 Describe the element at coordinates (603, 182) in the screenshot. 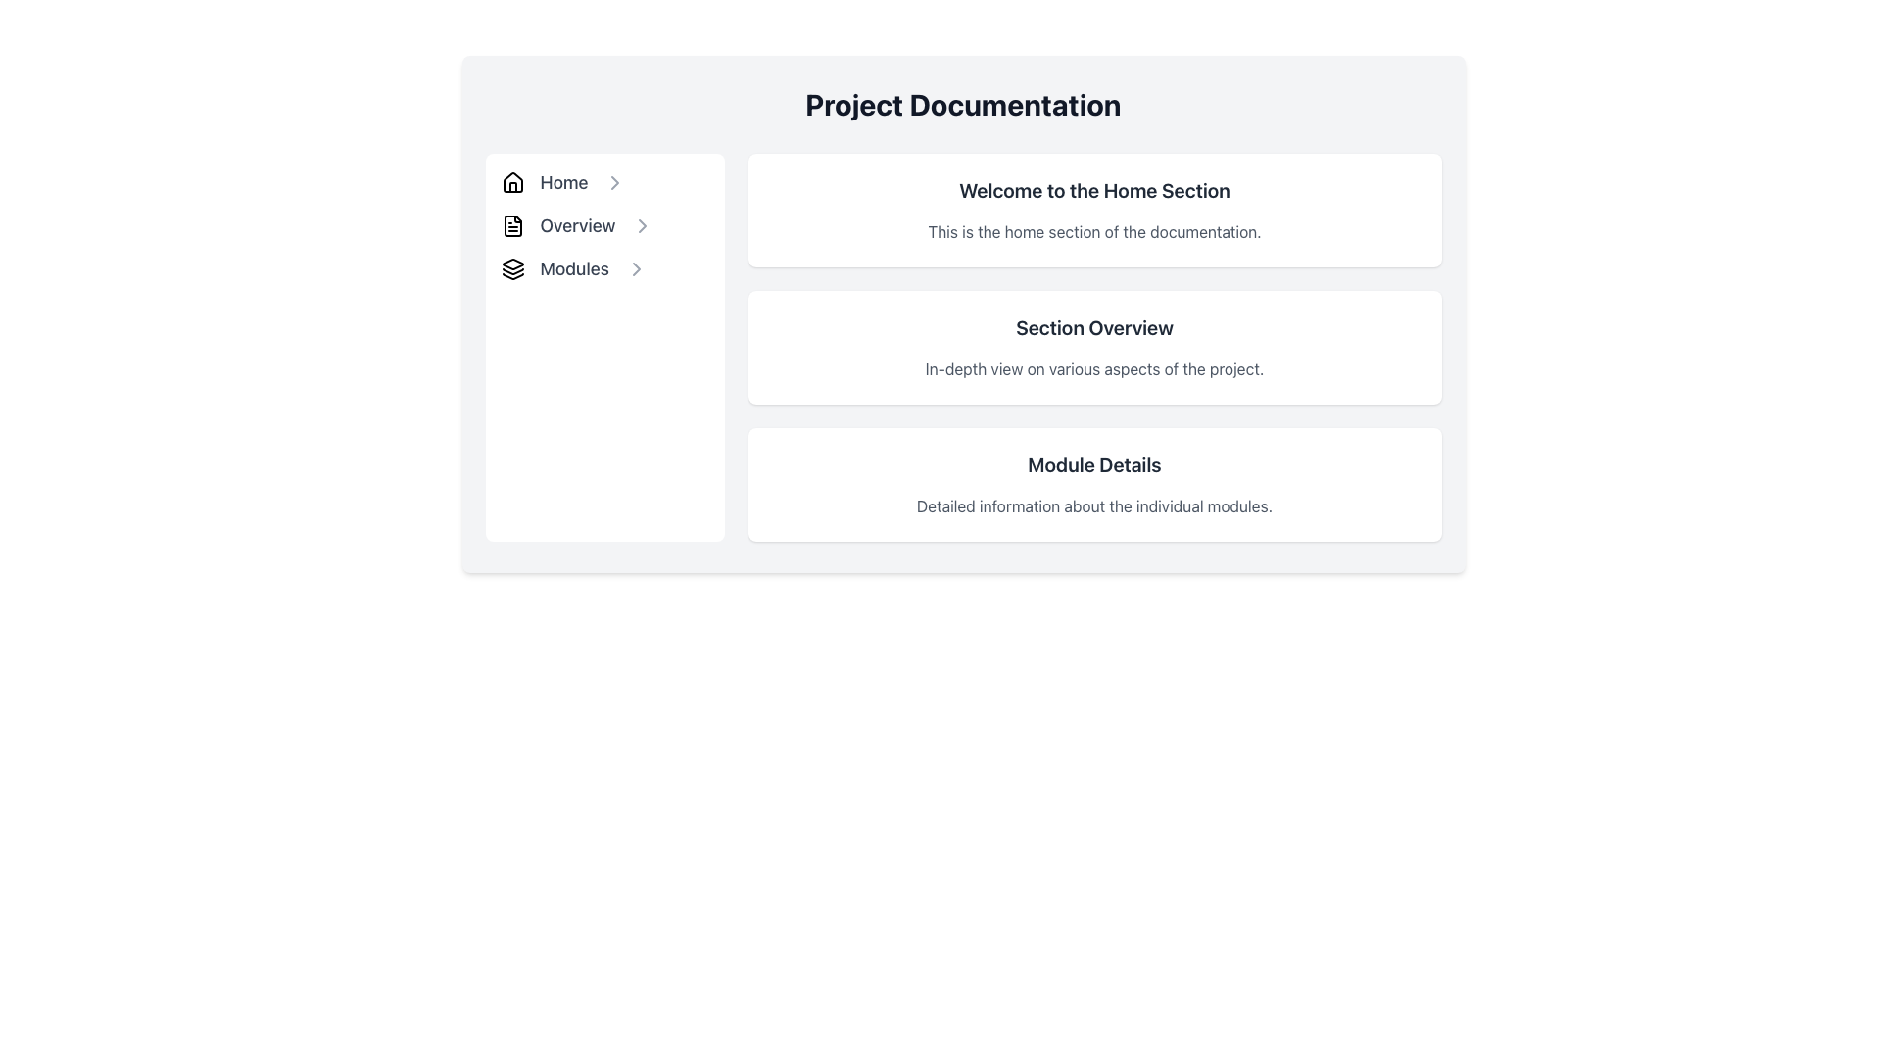

I see `the first menu item in the sidebar` at that location.